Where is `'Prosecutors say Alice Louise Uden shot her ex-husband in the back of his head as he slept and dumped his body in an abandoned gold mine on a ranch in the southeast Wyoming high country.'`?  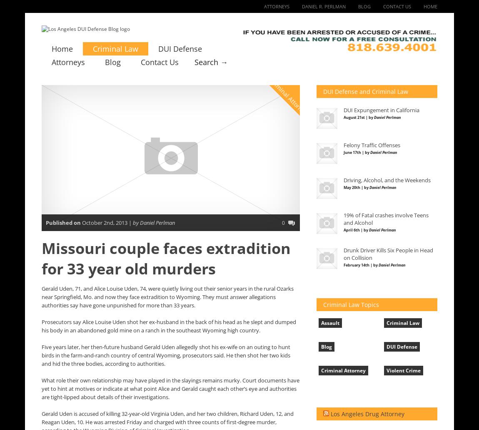
'Prosecutors say Alice Louise Uden shot her ex-husband in the back of his head as he slept and dumped his body in an abandoned gold mine on a ranch in the southeast Wyoming high country.' is located at coordinates (169, 326).